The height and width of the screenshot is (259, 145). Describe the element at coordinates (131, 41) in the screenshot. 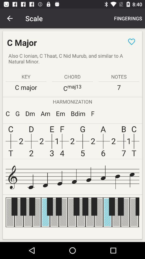

I see `icon below fingerings icon` at that location.